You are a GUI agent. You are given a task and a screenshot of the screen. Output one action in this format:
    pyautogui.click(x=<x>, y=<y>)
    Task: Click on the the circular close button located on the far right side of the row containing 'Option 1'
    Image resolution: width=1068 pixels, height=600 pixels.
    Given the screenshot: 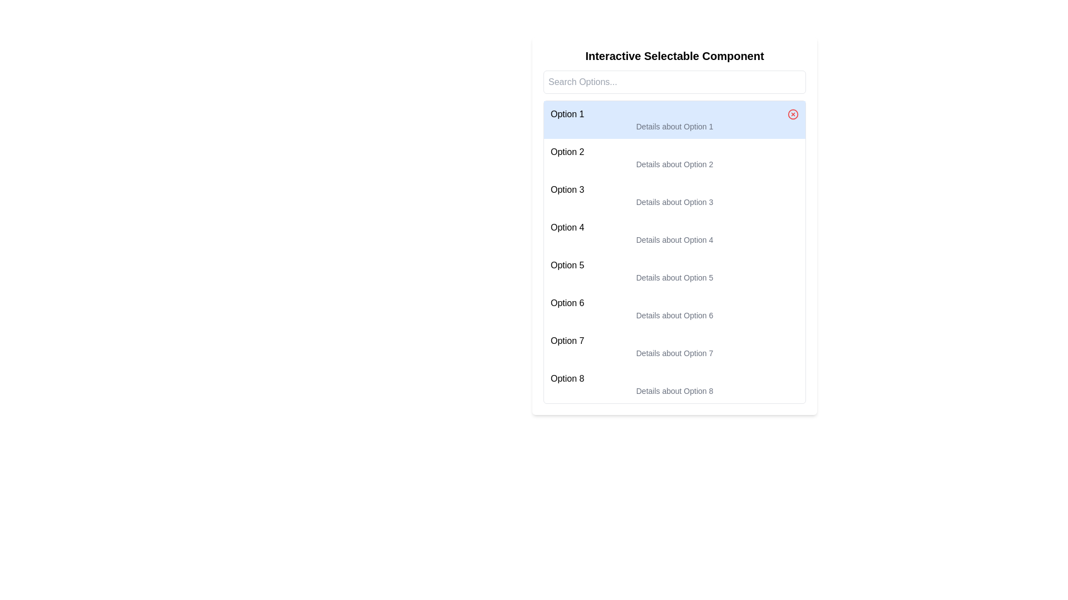 What is the action you would take?
    pyautogui.click(x=792, y=114)
    